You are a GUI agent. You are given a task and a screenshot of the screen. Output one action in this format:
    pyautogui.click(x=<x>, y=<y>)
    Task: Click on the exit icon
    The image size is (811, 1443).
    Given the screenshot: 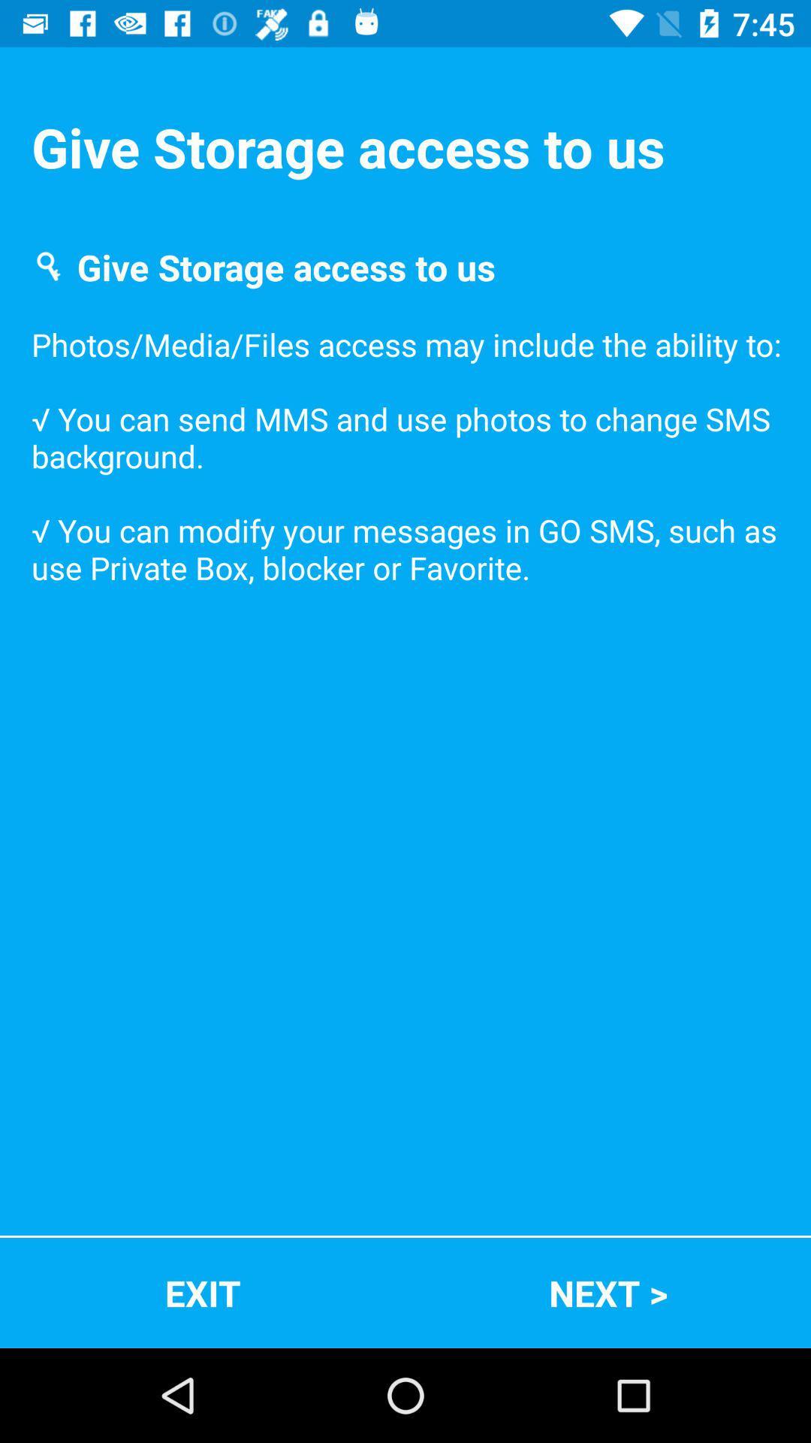 What is the action you would take?
    pyautogui.click(x=203, y=1292)
    